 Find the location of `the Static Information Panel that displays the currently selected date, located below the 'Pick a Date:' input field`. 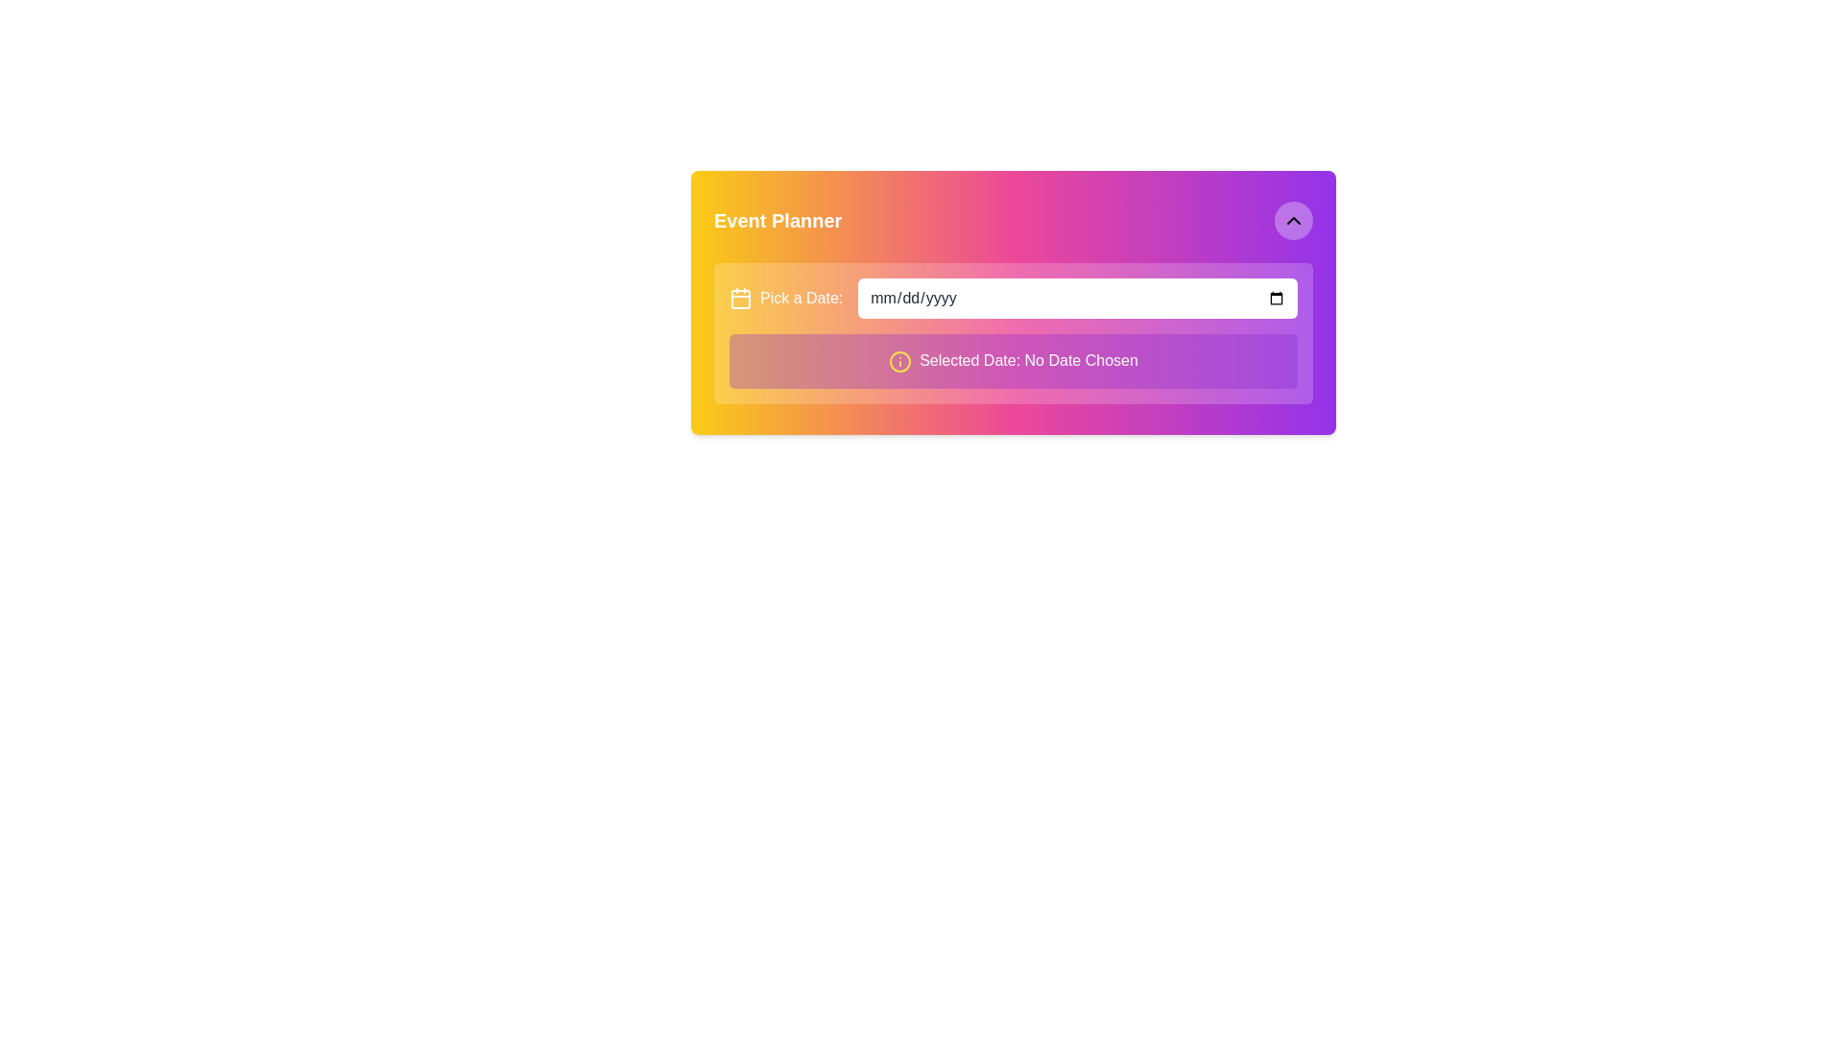

the Static Information Panel that displays the currently selected date, located below the 'Pick a Date:' input field is located at coordinates (1013, 360).